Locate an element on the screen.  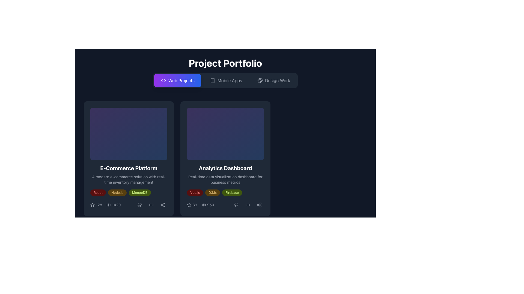
the left-facing arrow icon in the toolbar above the main content, which symbolizes a coding or exchange concept is located at coordinates (161, 81).